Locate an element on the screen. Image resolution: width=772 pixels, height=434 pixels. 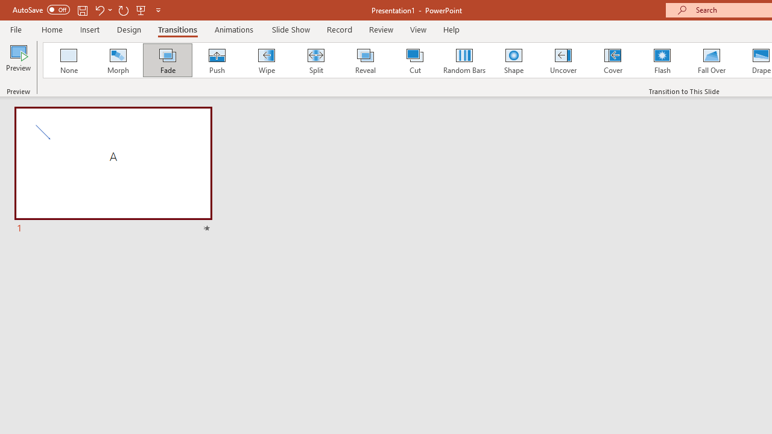
'None' is located at coordinates (68, 60).